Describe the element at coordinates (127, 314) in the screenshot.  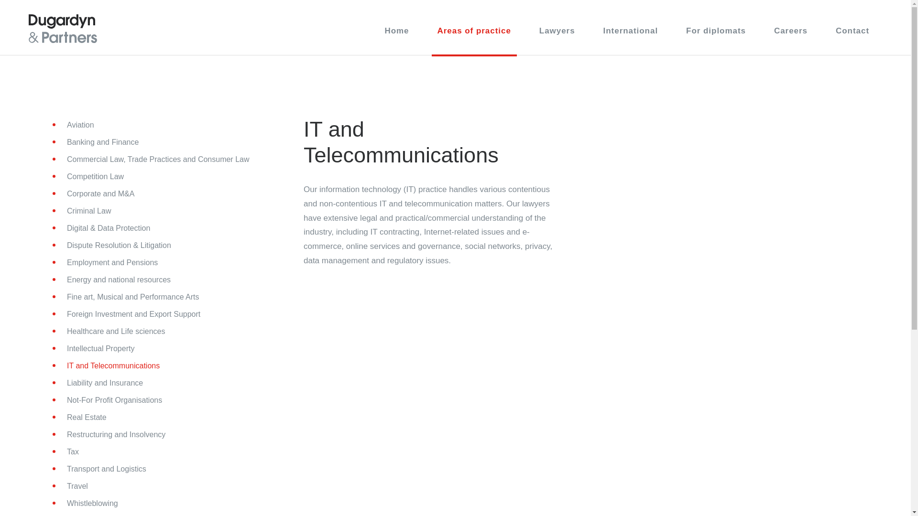
I see `'Foreign Investment and Export Support'` at that location.